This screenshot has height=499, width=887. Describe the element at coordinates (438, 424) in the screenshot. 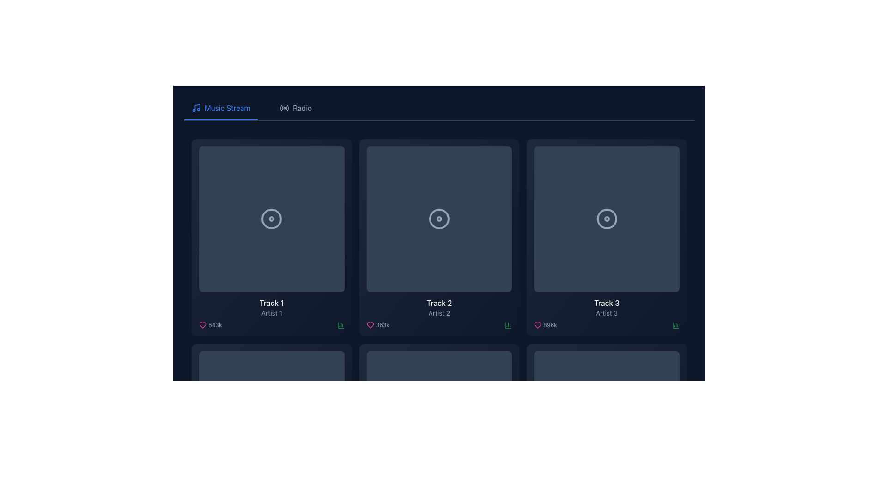

I see `the outer circular SVG shape located` at that location.